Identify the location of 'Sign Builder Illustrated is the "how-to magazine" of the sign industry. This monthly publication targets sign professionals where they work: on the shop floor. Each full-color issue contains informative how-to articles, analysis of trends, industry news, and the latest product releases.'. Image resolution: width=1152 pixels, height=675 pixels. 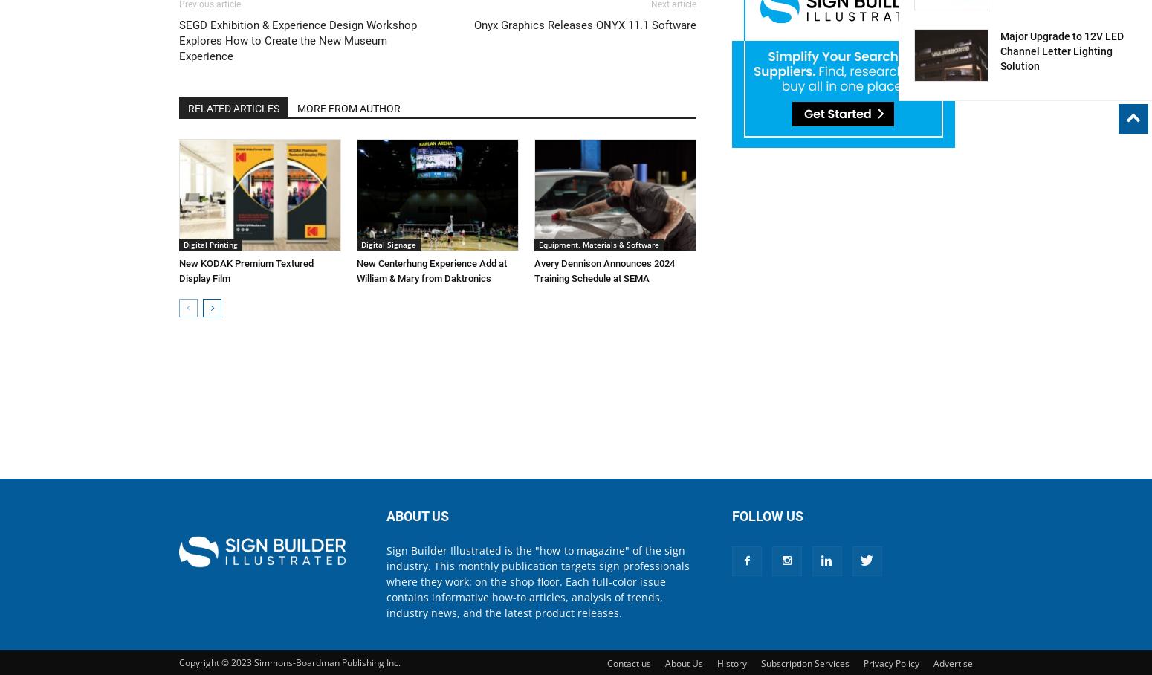
(538, 581).